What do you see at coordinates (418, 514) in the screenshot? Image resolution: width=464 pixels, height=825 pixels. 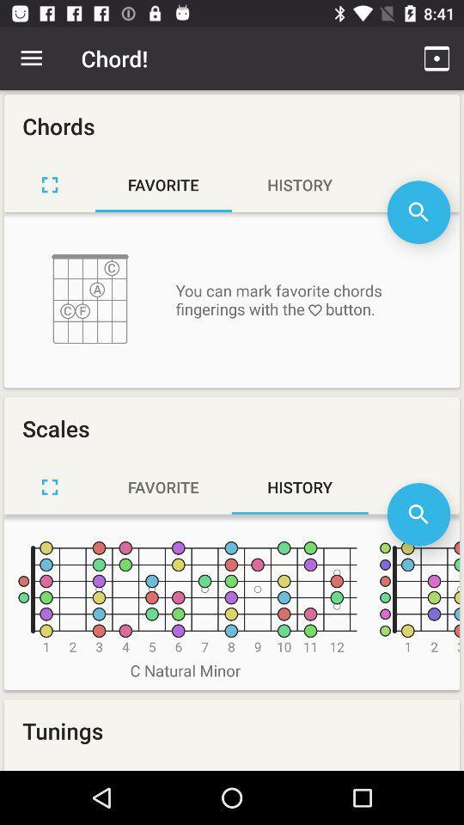 I see `search button` at bounding box center [418, 514].